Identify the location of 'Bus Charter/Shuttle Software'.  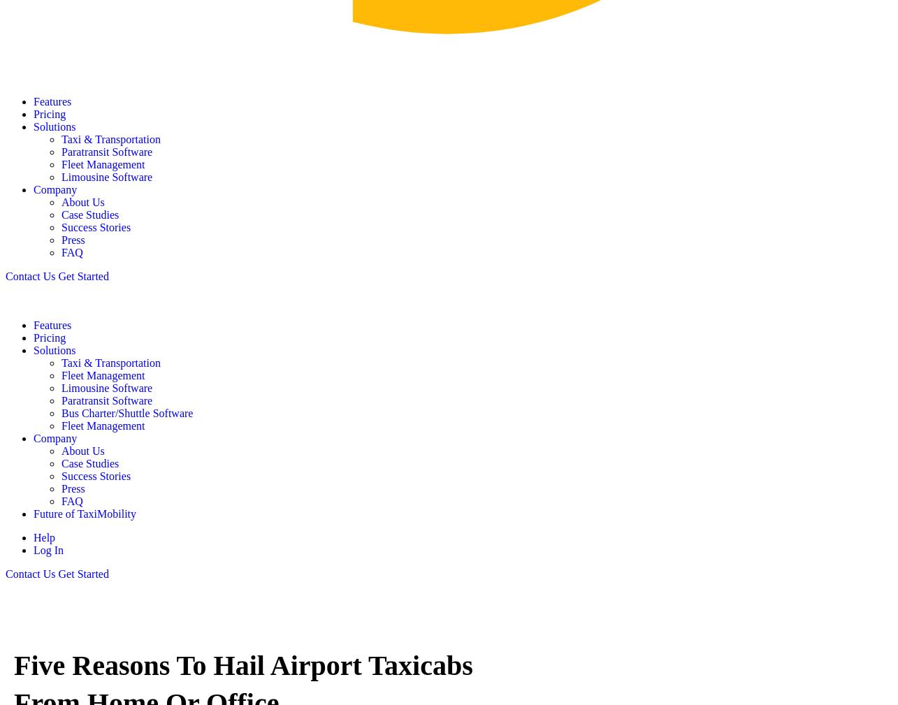
(126, 412).